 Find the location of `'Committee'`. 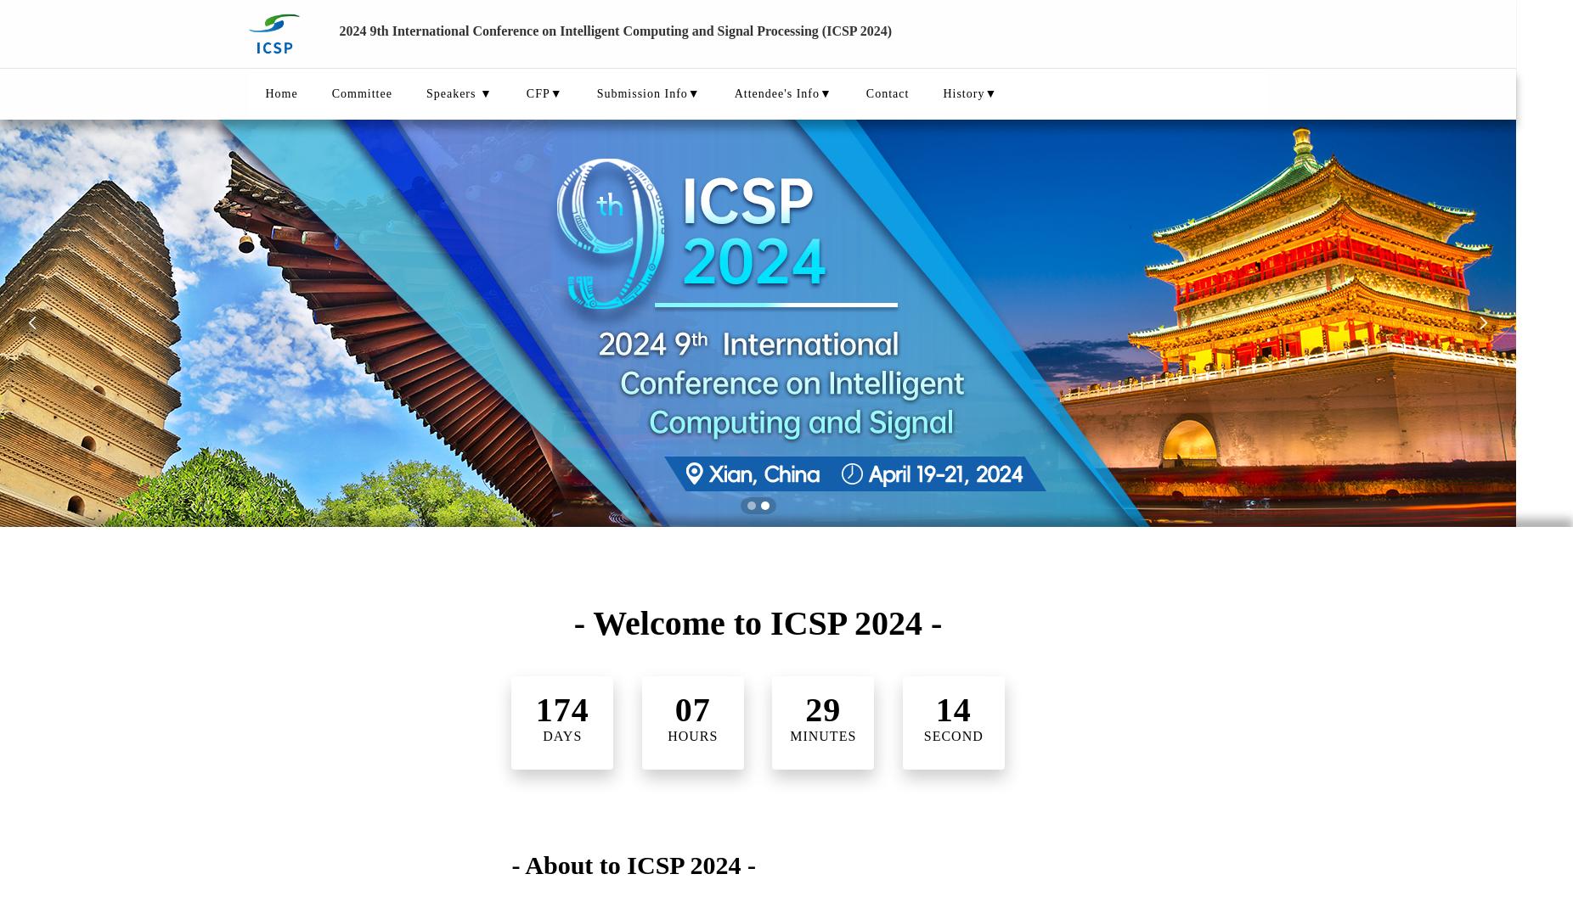

'Committee' is located at coordinates (361, 93).